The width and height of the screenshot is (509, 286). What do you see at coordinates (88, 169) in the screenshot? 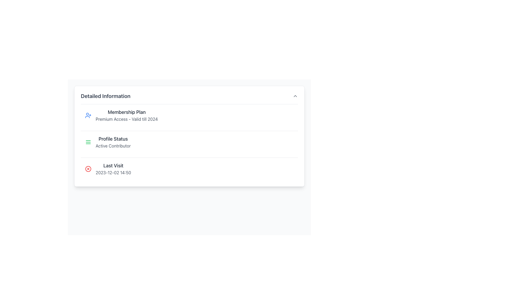
I see `the error icon located to the left of the last visit date and time ('2023-12-02 14:50') in the 'Last Visit' section of the interface` at bounding box center [88, 169].